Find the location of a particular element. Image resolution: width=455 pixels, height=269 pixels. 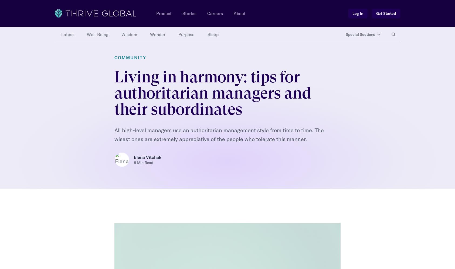

'— Ask your manager for “permission” when taking action he or she will want to have signed off on ahead of time;' is located at coordinates (114, 129).